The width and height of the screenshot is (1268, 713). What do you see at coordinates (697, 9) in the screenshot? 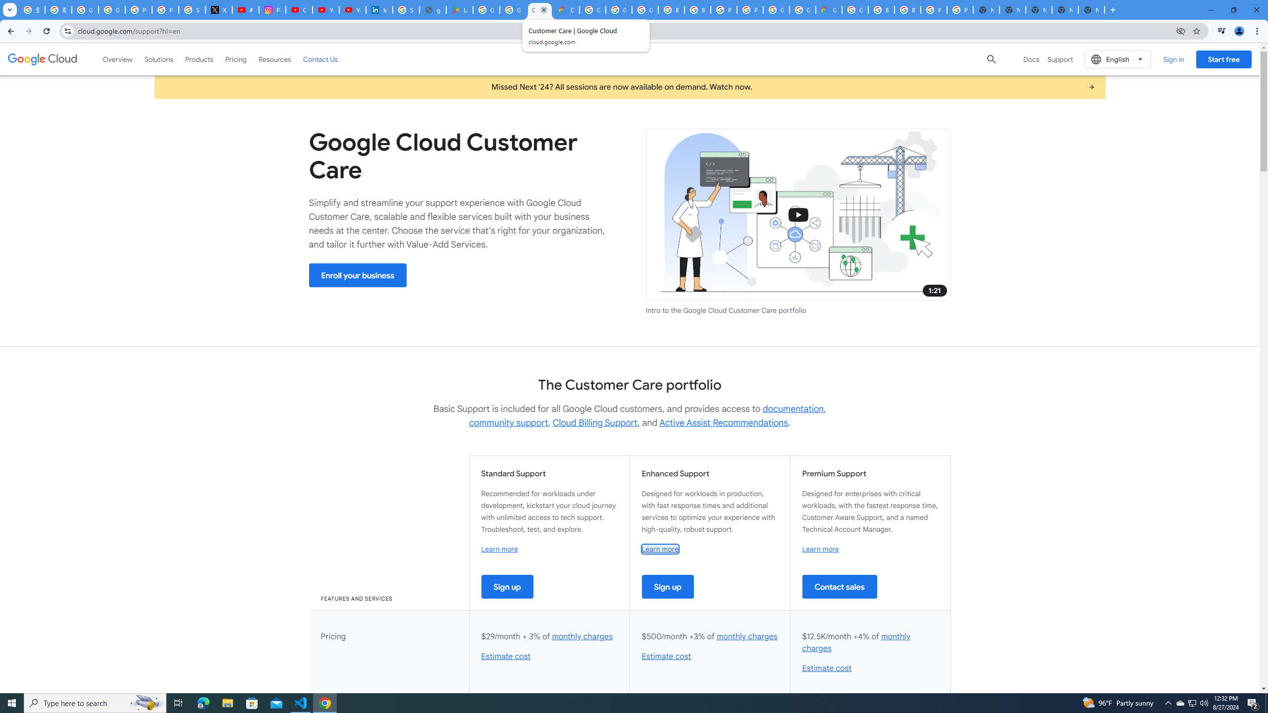
I see `'Browse Chrome as a guest - Computer - Google Chrome Help'` at bounding box center [697, 9].